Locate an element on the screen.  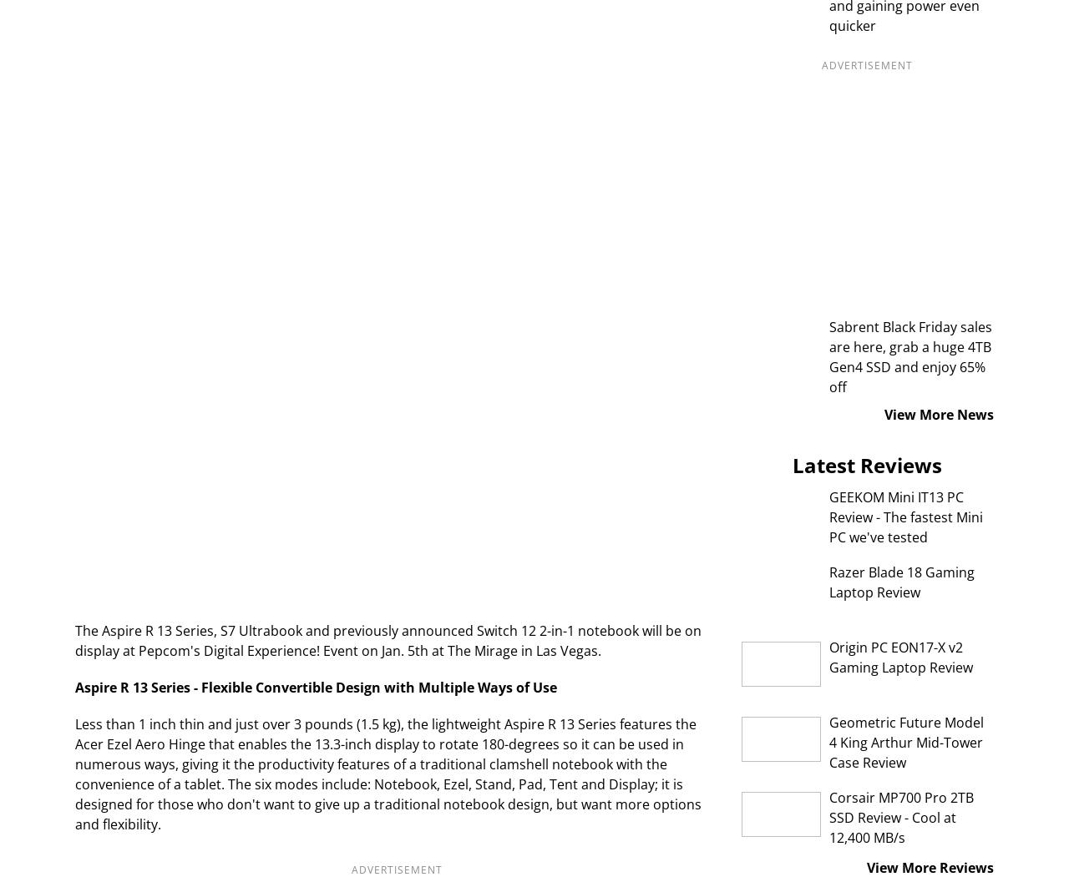
'Geometric Future Model 4 King Arthur Mid-Tower Case Review' is located at coordinates (904, 742).